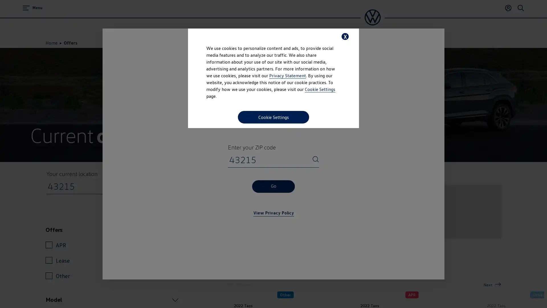  I want to click on Search, so click(521, 8).